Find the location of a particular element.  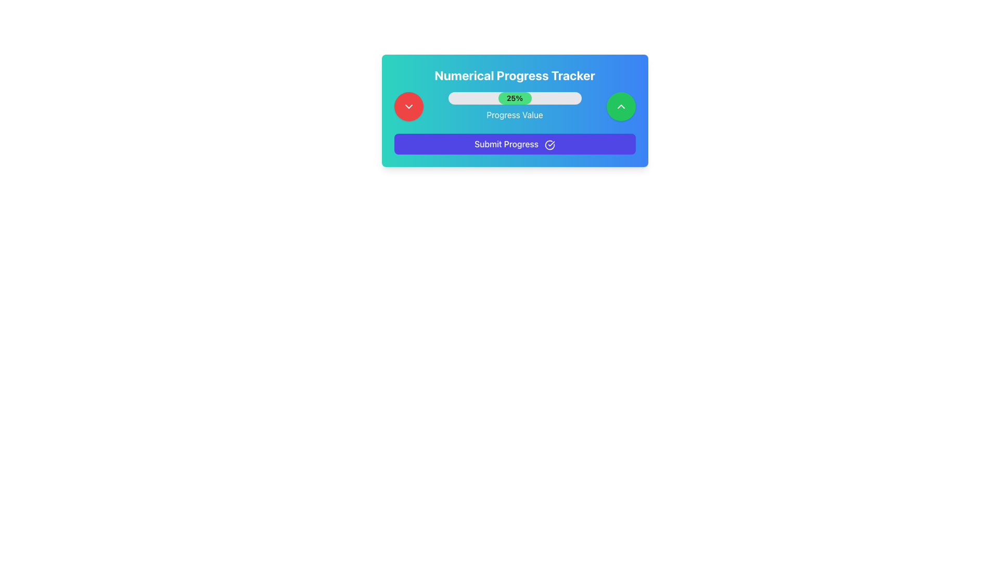

header Text Label of the Numerical Progress Tracker to gather additional information about its functionality and purpose is located at coordinates (515, 75).